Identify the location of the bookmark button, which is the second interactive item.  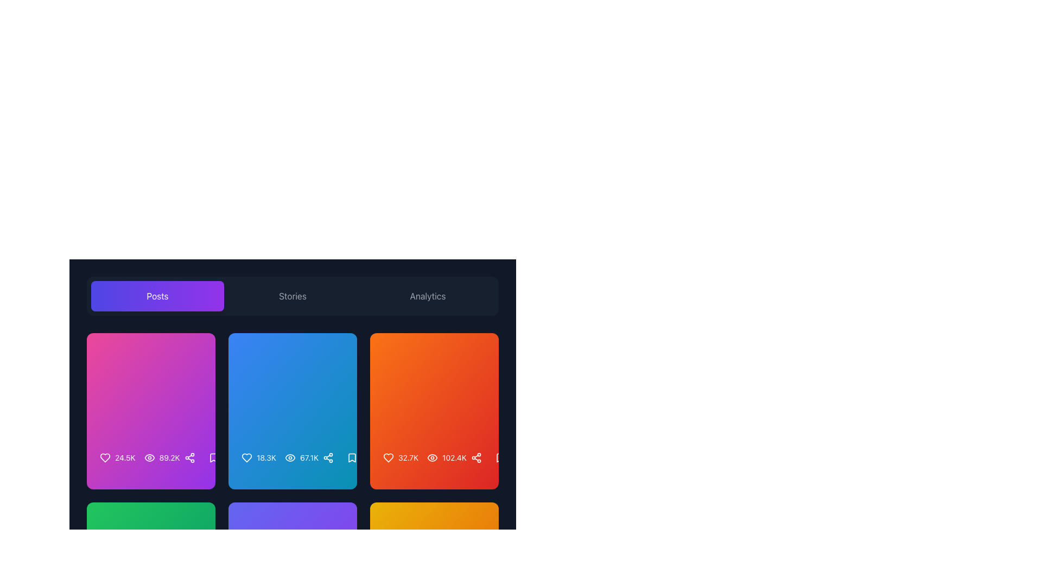
(499, 458).